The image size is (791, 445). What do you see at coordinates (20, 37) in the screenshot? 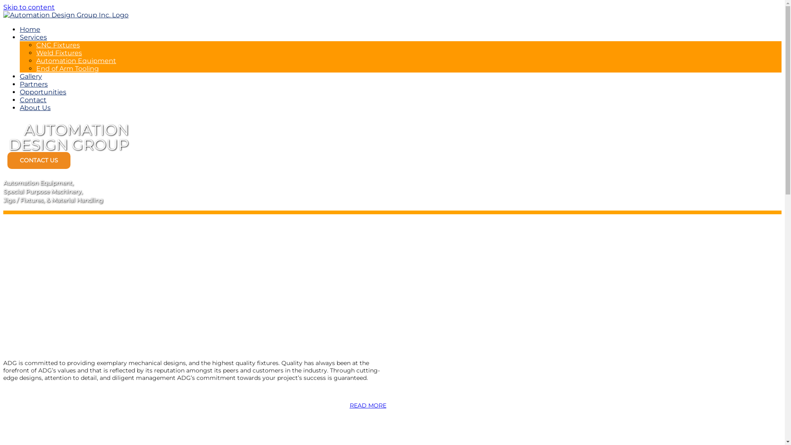
I see `'Services'` at bounding box center [20, 37].